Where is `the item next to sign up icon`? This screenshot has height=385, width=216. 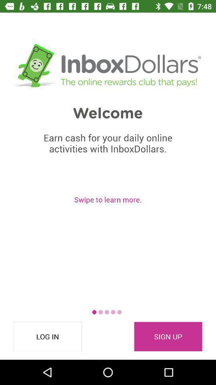 the item next to sign up icon is located at coordinates (48, 336).